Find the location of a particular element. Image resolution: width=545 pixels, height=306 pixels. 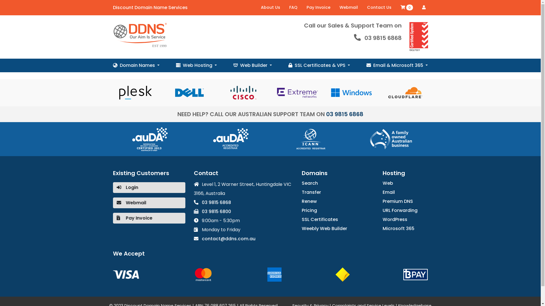

'FAQ' is located at coordinates (293, 8).